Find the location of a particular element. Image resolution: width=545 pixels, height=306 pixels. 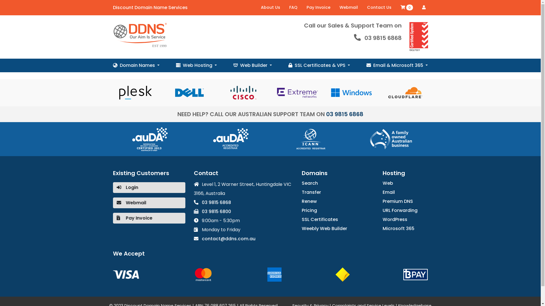

'FAQ' is located at coordinates (293, 8).